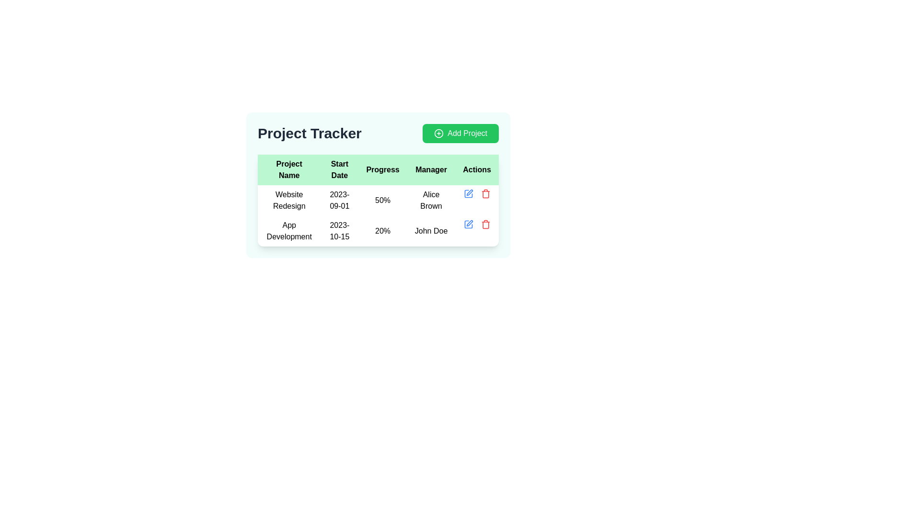  Describe the element at coordinates (485, 194) in the screenshot. I see `the middle segment of the trash can icon located towards the right-hand side of the 'Actions' column in the second row of the 'Project Tracker' table` at that location.